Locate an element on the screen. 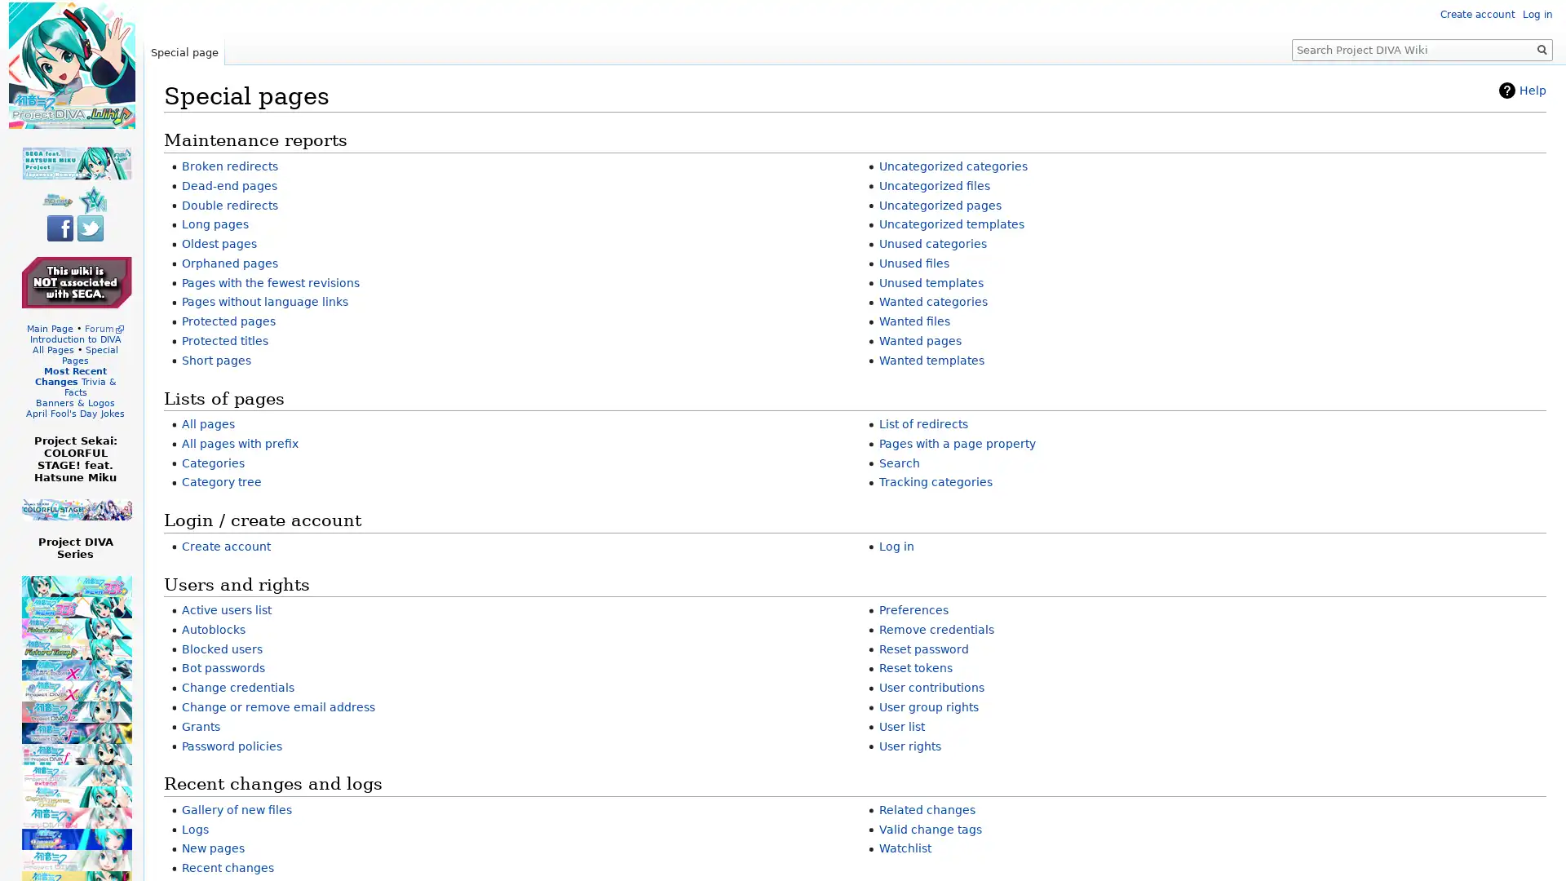  Go is located at coordinates (1542, 49).